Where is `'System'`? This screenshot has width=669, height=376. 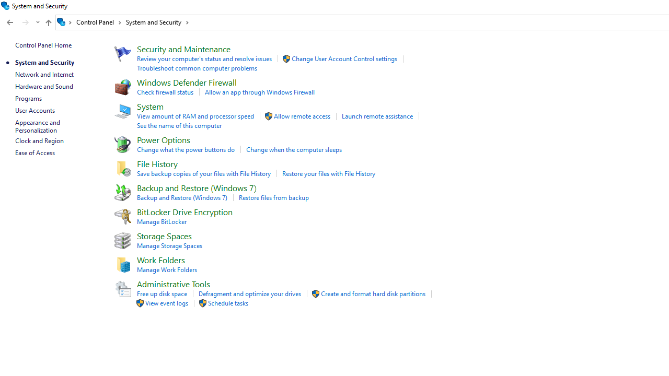
'System' is located at coordinates (149, 106).